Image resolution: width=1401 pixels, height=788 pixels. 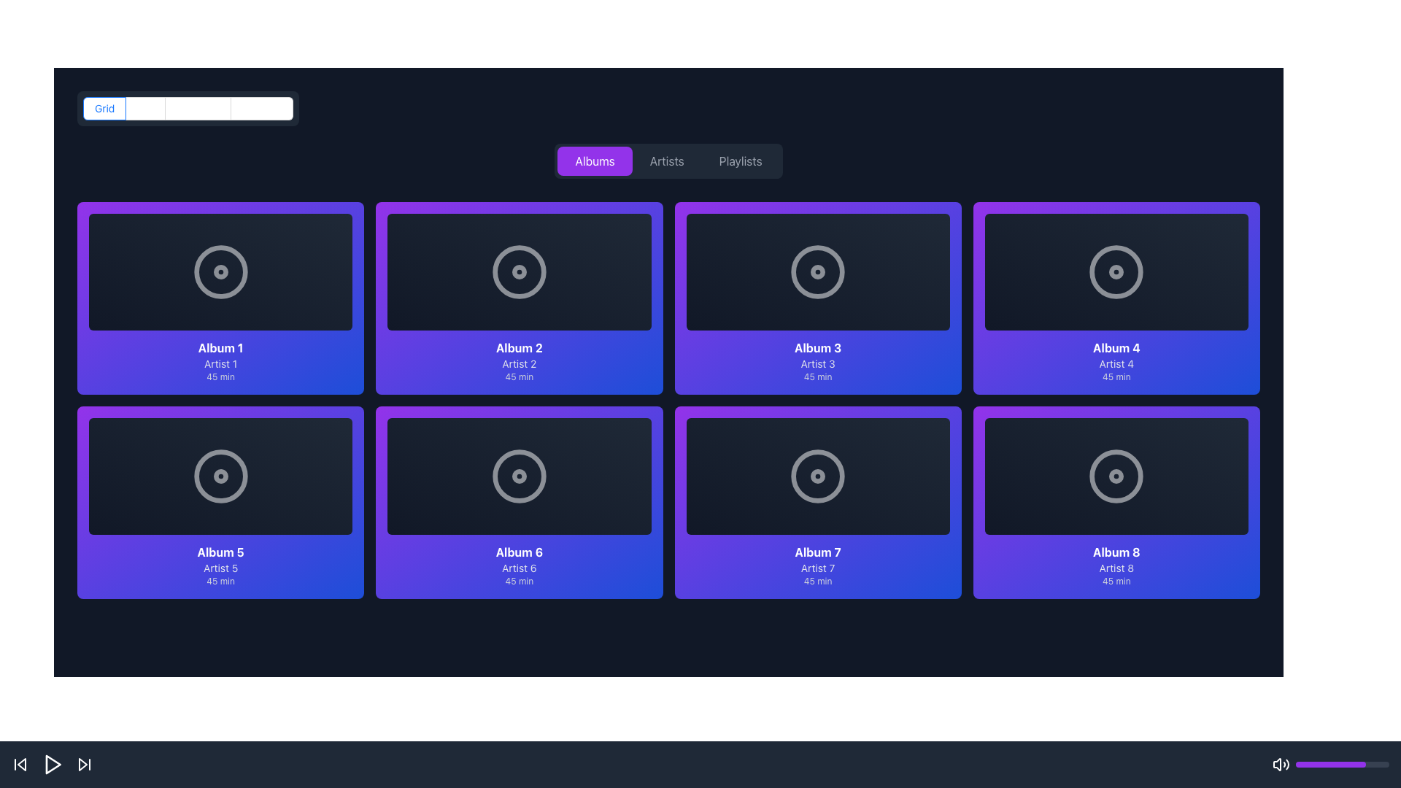 I want to click on the slider value, so click(x=1331, y=764).